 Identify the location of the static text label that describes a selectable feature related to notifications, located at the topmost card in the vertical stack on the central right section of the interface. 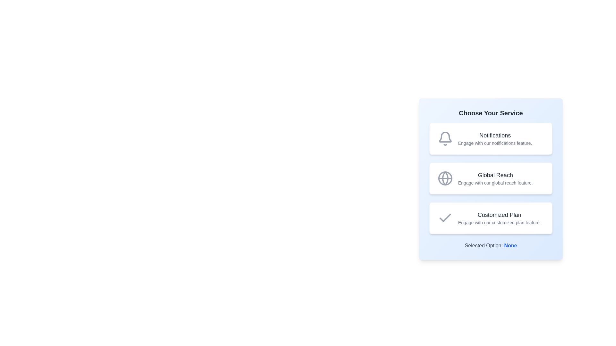
(495, 138).